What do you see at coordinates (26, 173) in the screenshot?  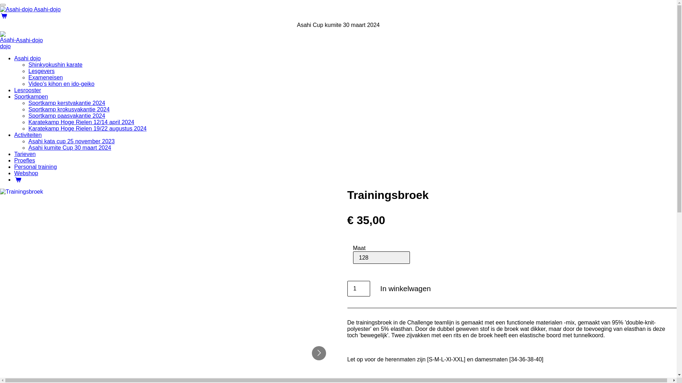 I see `'Webshop'` at bounding box center [26, 173].